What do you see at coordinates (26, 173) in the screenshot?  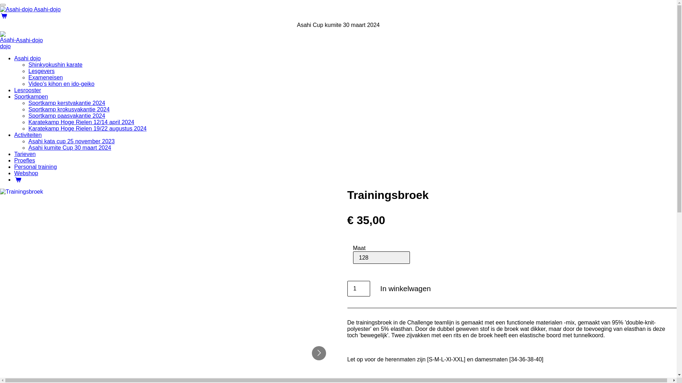 I see `'Webshop'` at bounding box center [26, 173].